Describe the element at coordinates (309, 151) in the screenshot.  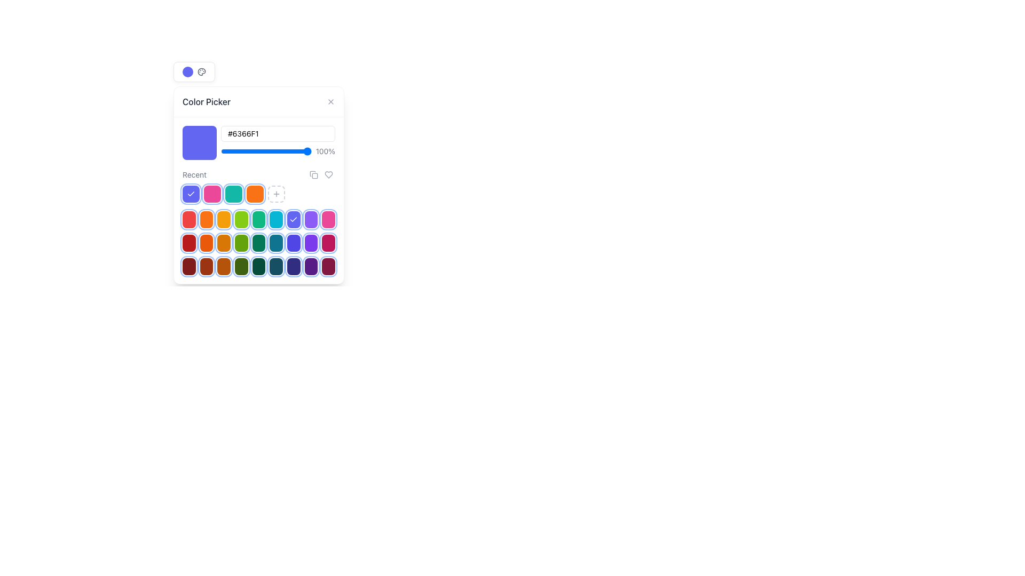
I see `the slider` at that location.